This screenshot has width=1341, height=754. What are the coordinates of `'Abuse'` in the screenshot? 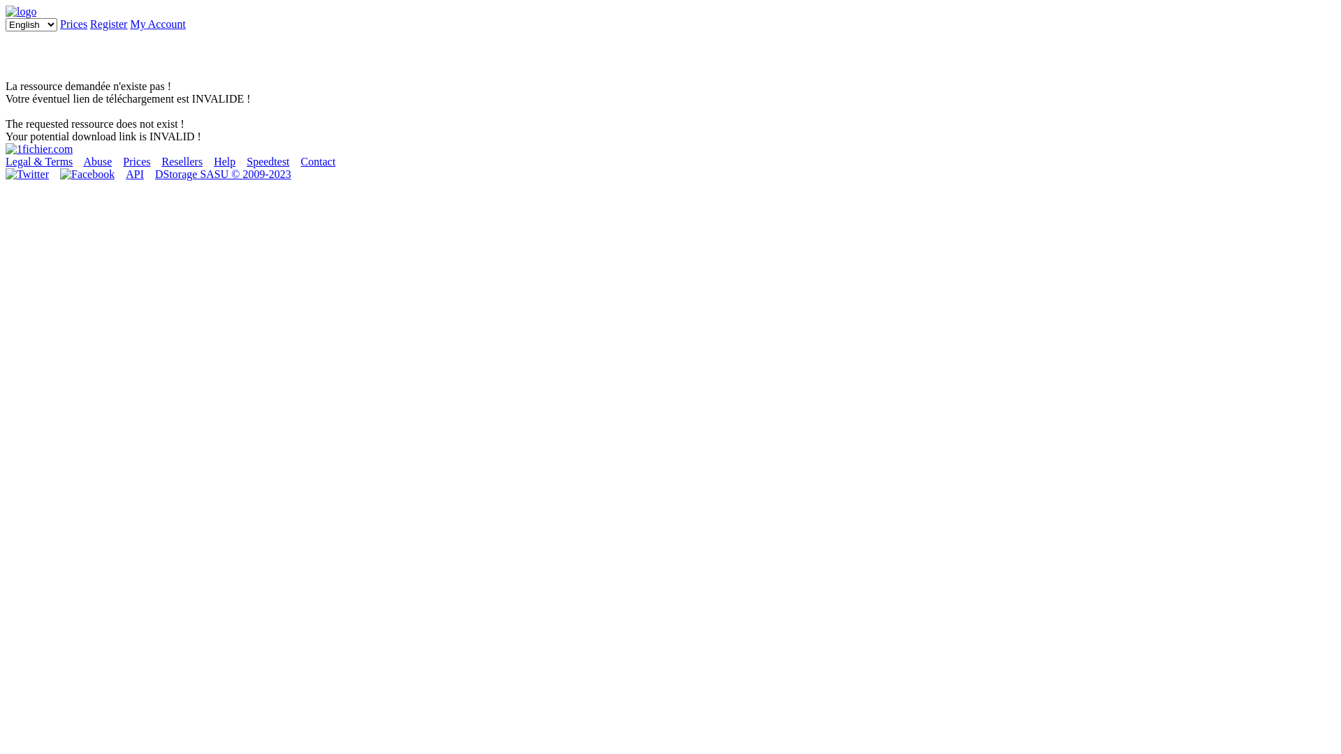 It's located at (96, 161).